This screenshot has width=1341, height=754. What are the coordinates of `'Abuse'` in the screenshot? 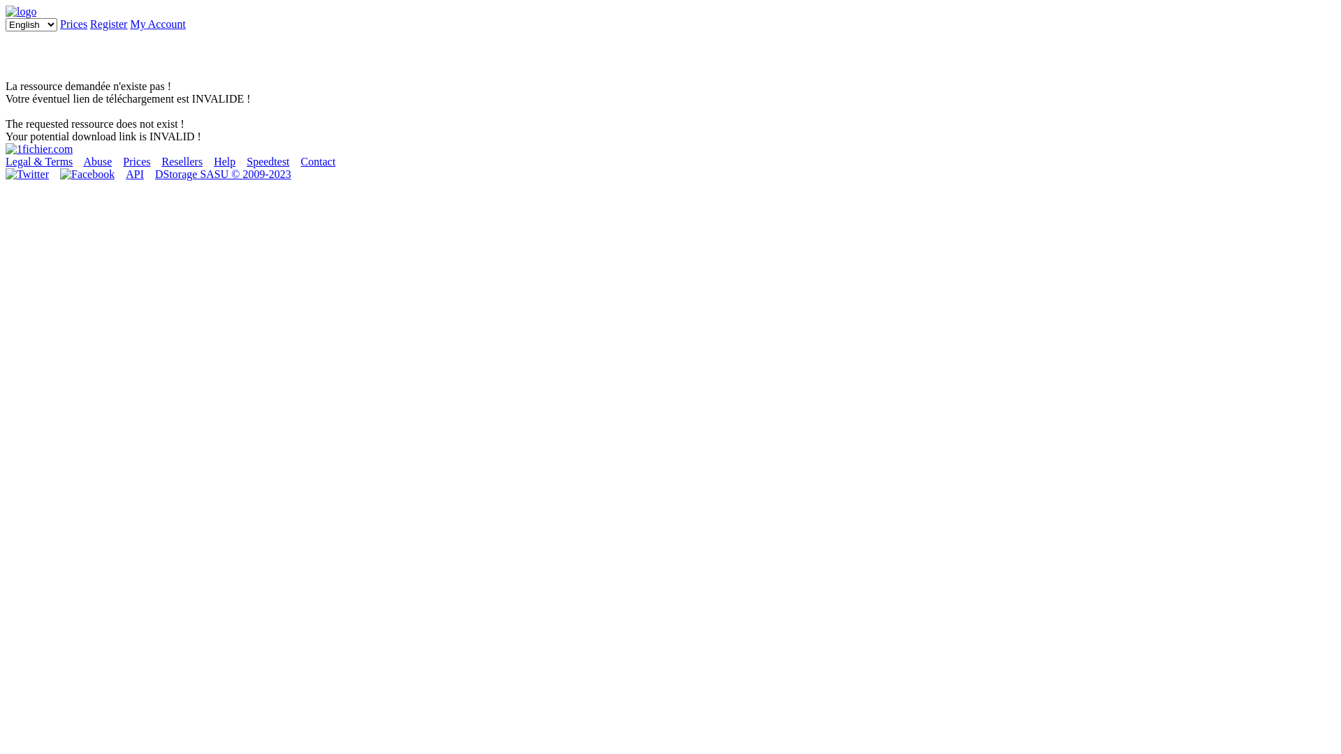 It's located at (96, 161).